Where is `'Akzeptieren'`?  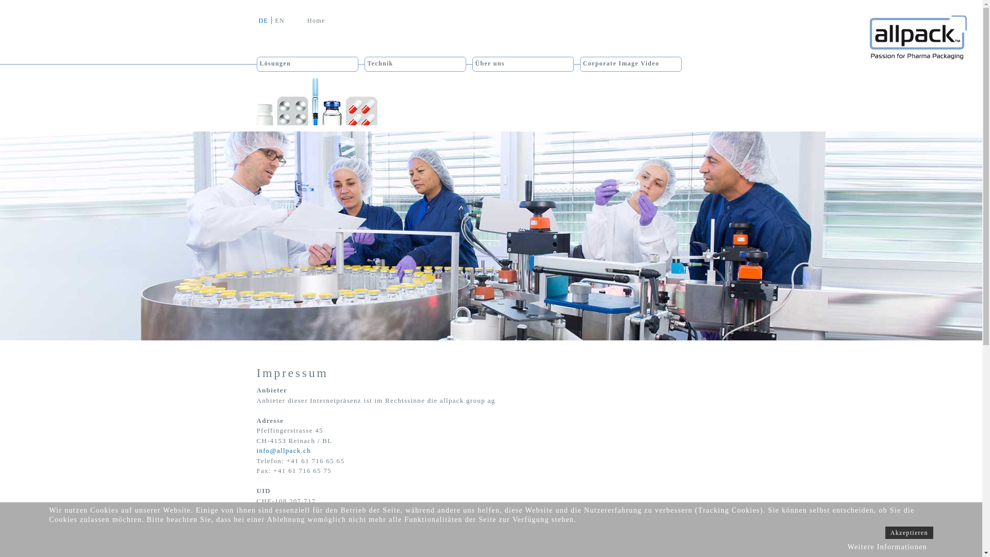 'Akzeptieren' is located at coordinates (909, 533).